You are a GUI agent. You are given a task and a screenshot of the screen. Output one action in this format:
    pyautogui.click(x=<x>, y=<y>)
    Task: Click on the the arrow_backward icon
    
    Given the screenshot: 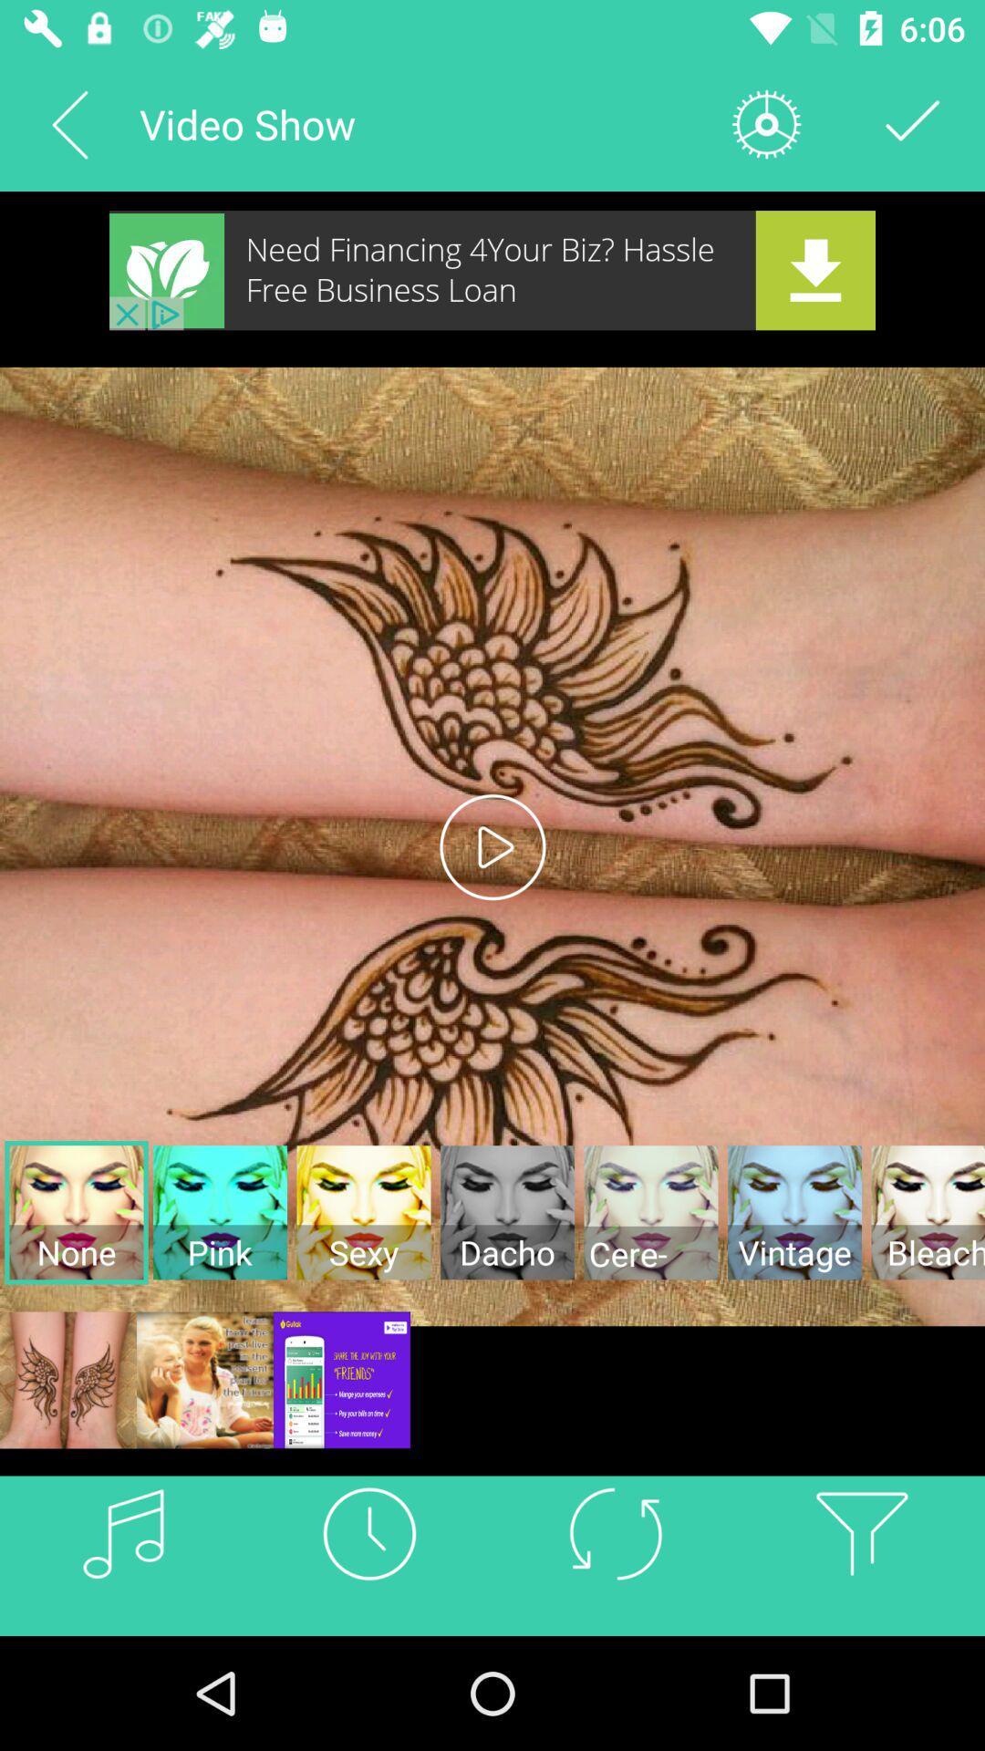 What is the action you would take?
    pyautogui.click(x=68, y=123)
    